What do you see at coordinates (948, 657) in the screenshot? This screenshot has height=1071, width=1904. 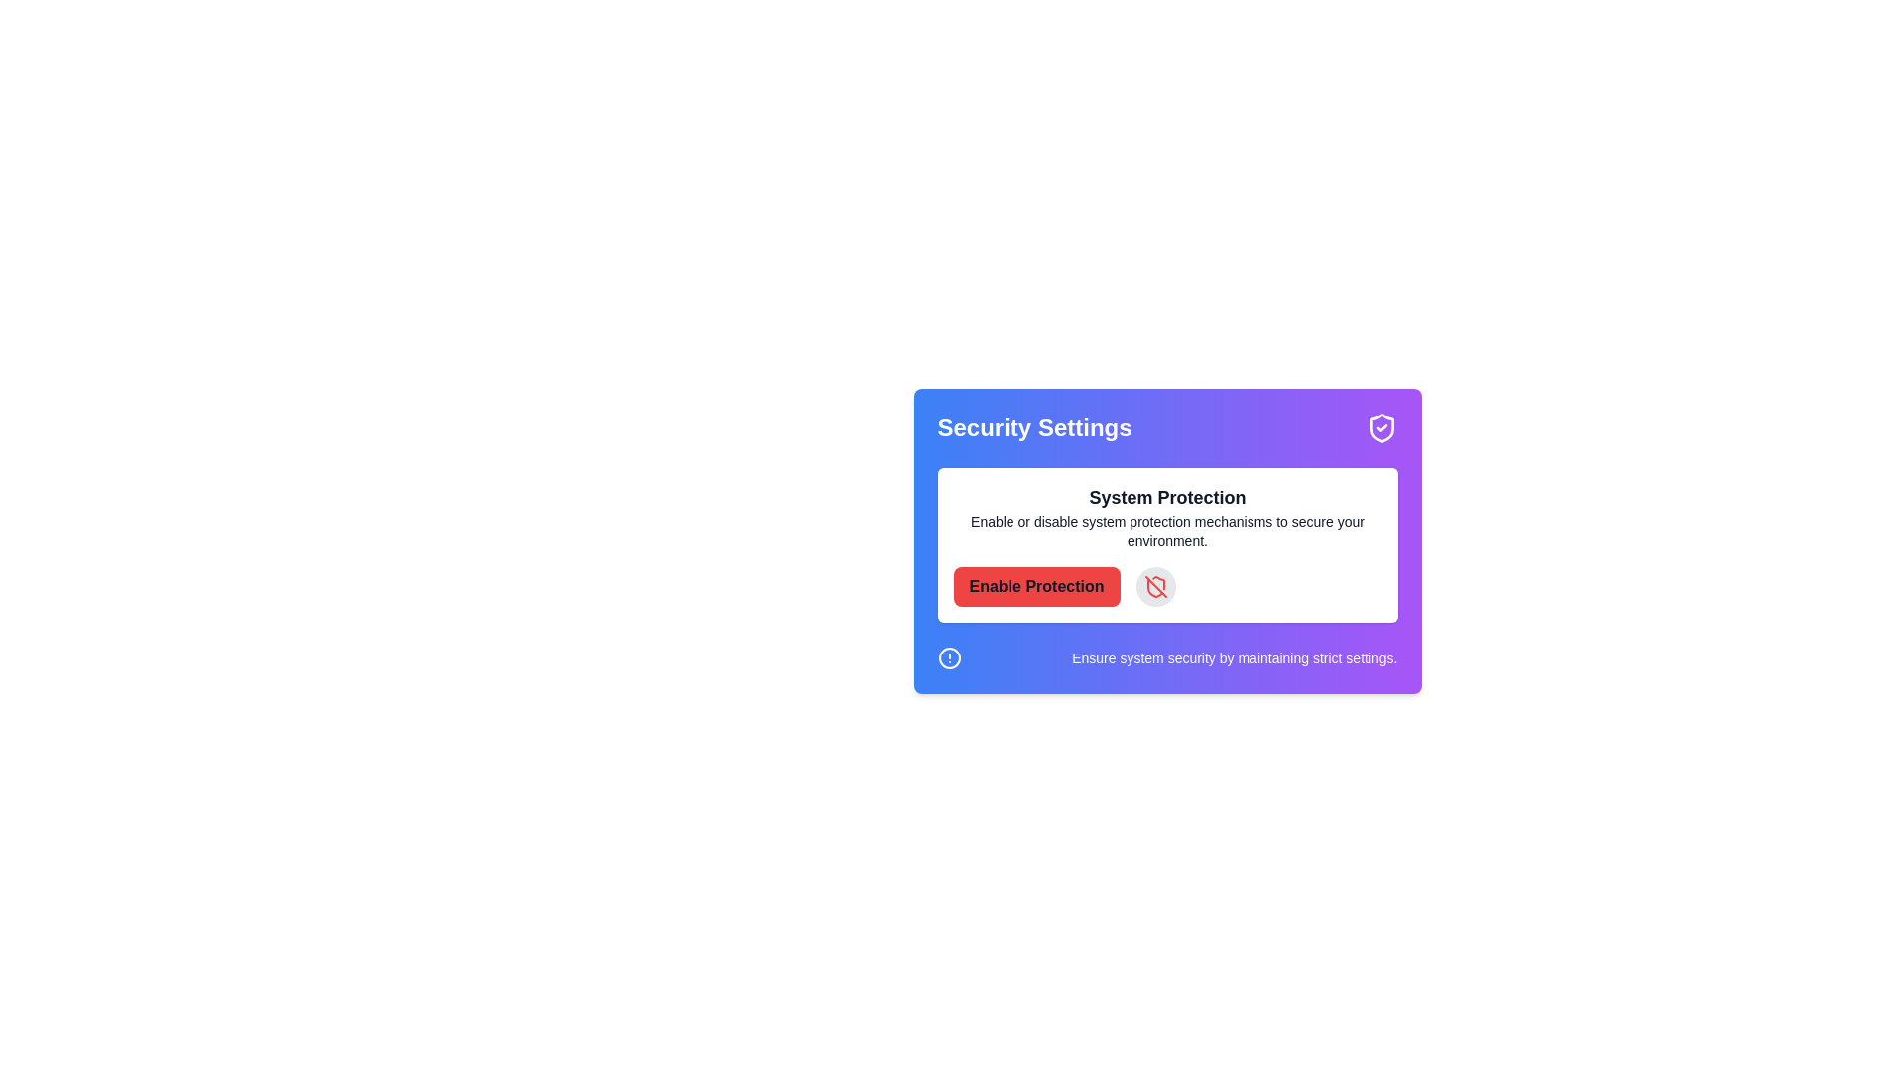 I see `the circular icon located at the lower-left corner of the 'Security Settings' panel for interaction` at bounding box center [948, 657].